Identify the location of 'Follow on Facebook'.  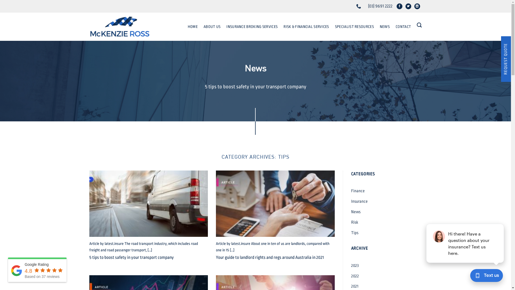
(400, 7).